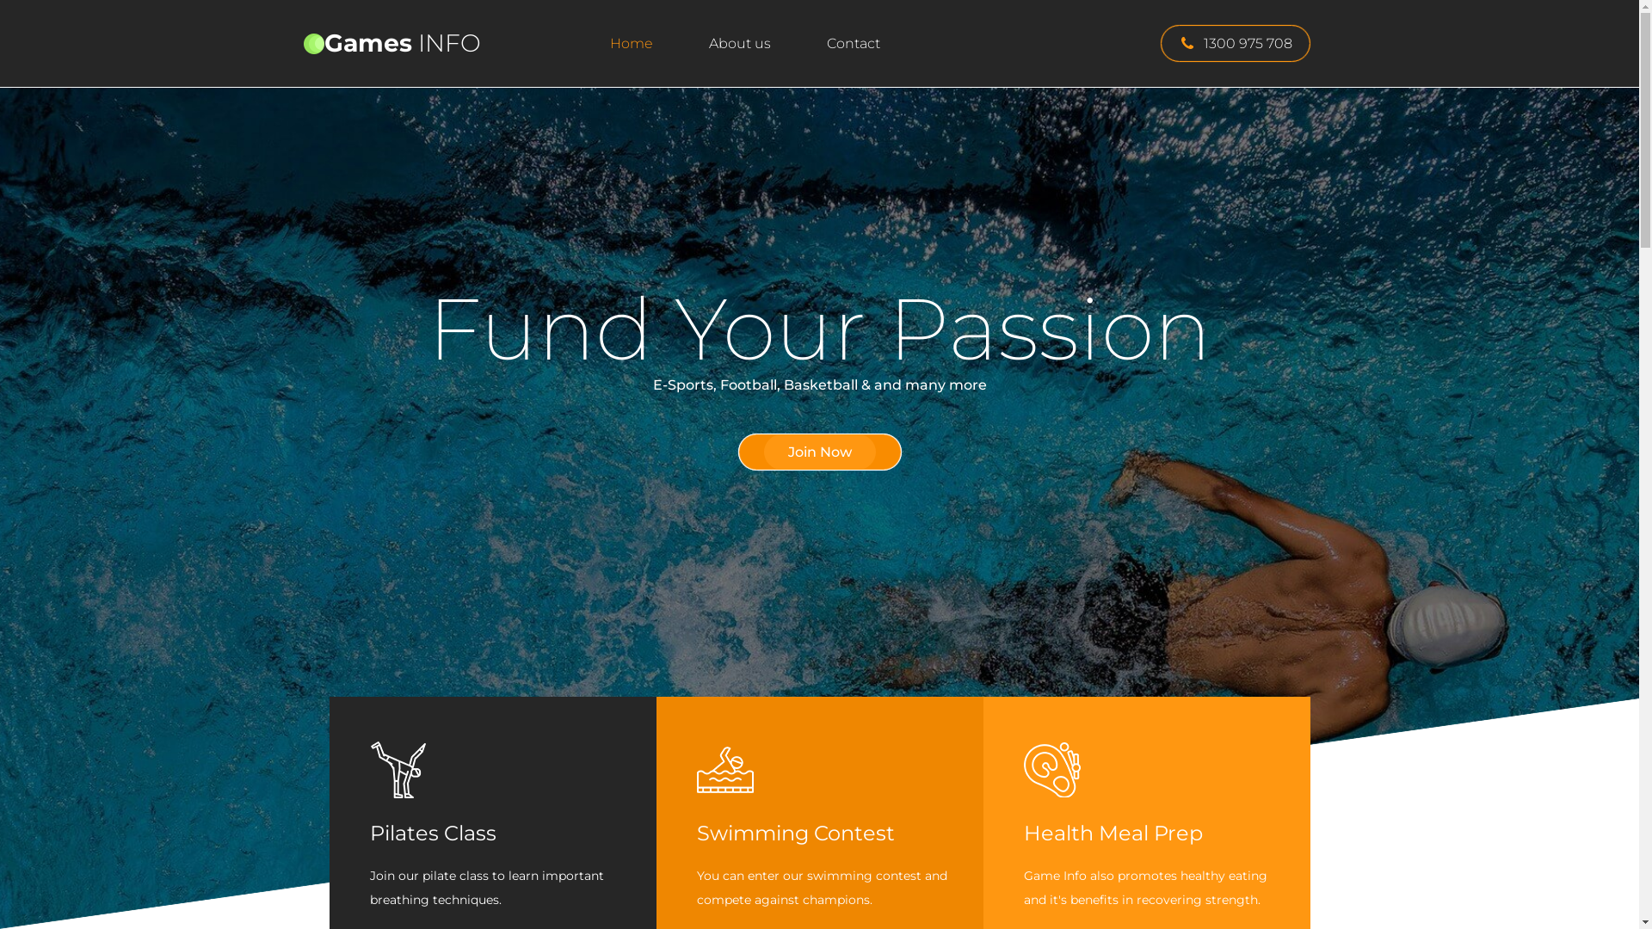 This screenshot has height=929, width=1652. What do you see at coordinates (817, 451) in the screenshot?
I see `'Join Now'` at bounding box center [817, 451].